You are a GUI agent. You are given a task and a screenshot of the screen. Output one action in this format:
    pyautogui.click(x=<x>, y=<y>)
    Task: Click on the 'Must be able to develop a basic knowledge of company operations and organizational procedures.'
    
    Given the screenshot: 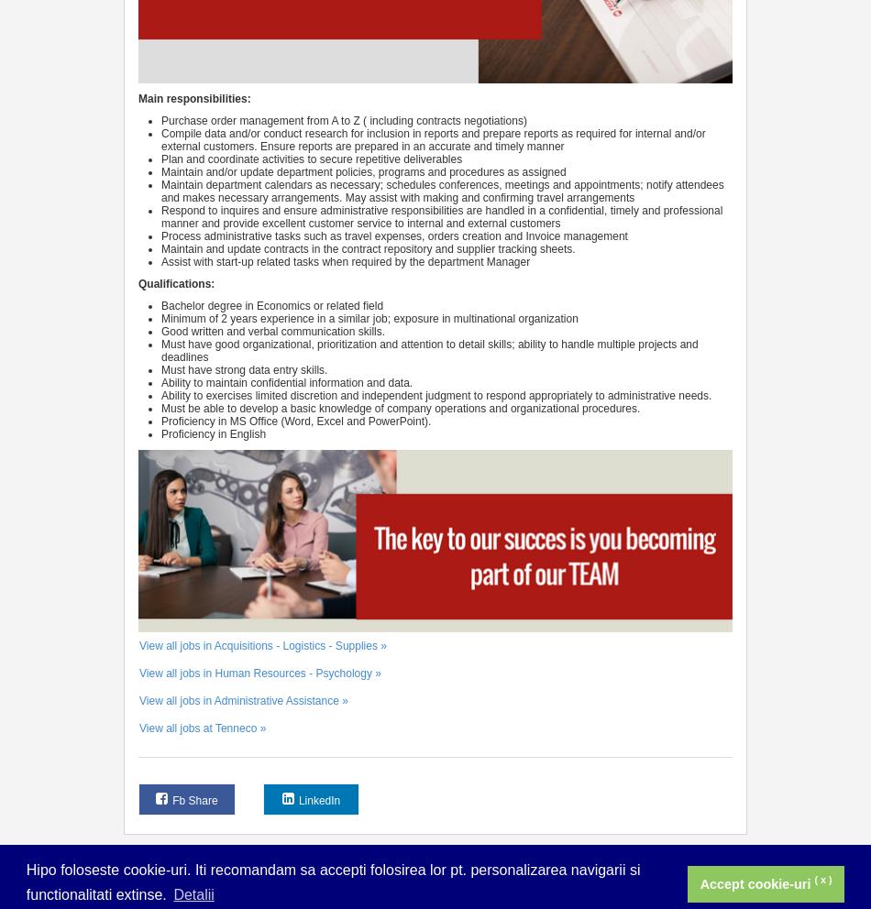 What is the action you would take?
    pyautogui.click(x=400, y=407)
    